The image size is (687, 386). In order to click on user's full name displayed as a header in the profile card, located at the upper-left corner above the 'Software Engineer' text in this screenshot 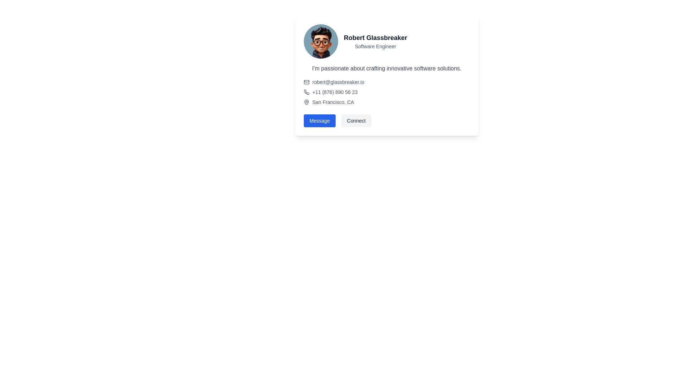, I will do `click(375, 38)`.